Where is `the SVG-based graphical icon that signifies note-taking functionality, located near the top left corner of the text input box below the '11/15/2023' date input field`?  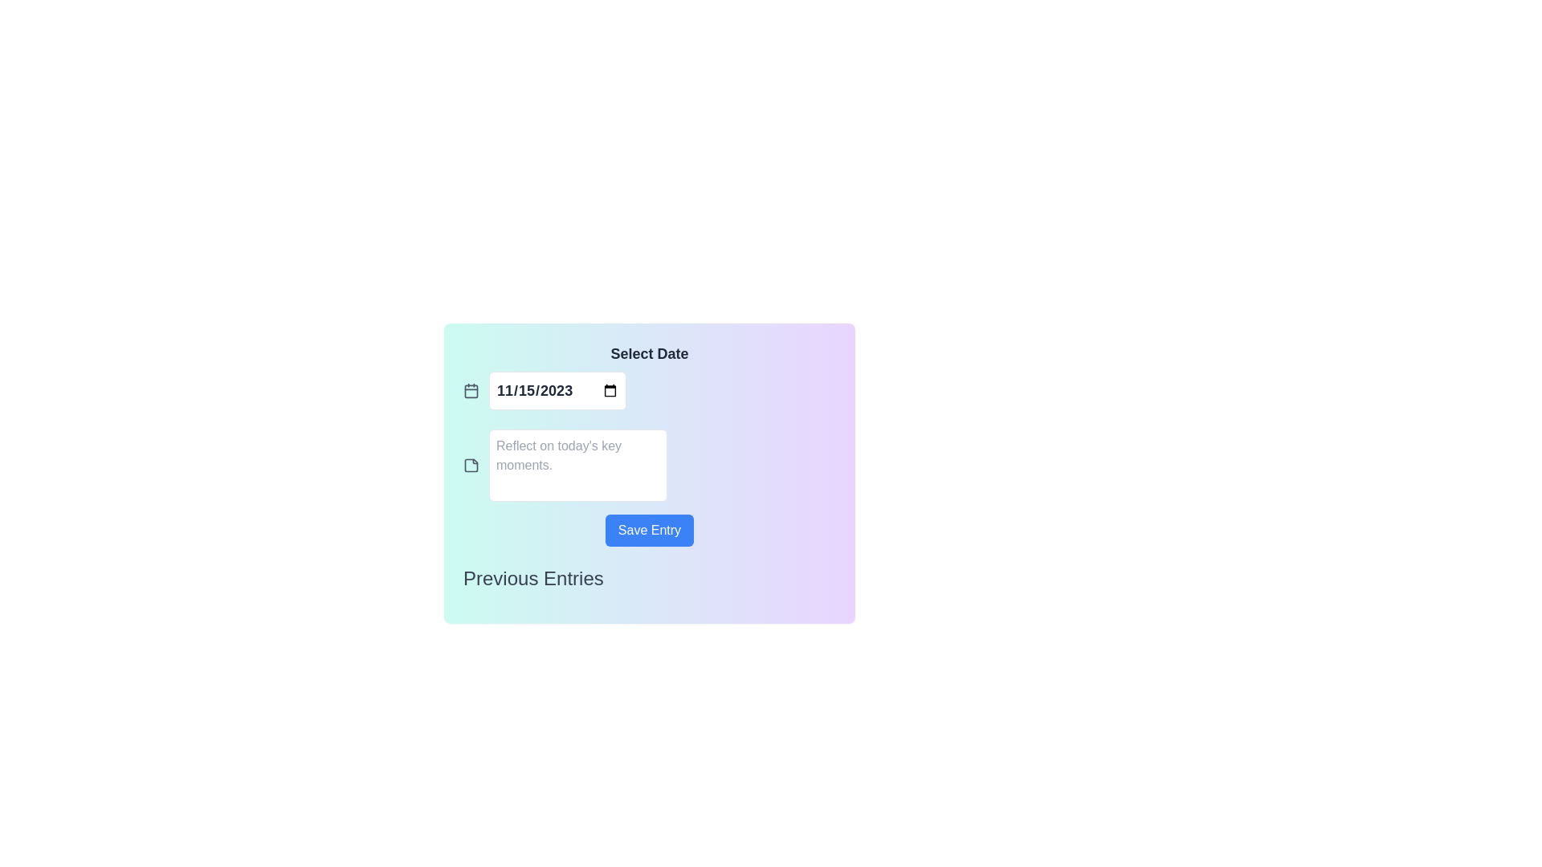 the SVG-based graphical icon that signifies note-taking functionality, located near the top left corner of the text input box below the '11/15/2023' date input field is located at coordinates (470, 465).